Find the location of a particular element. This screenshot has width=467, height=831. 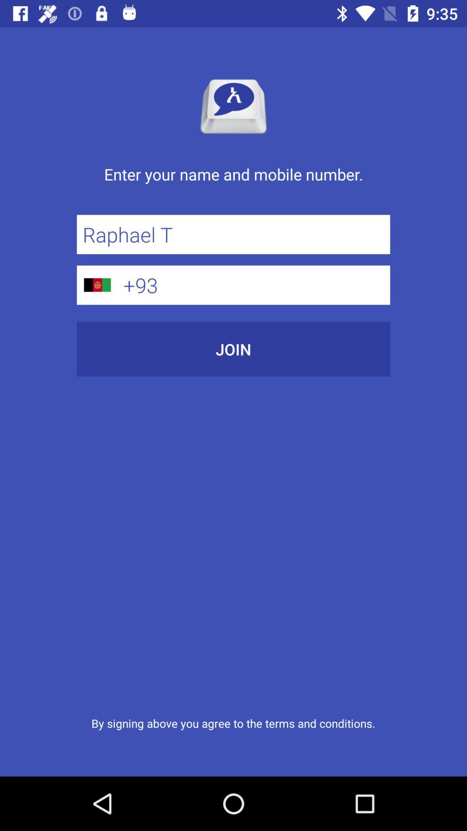

item below +93 item is located at coordinates (233, 349).